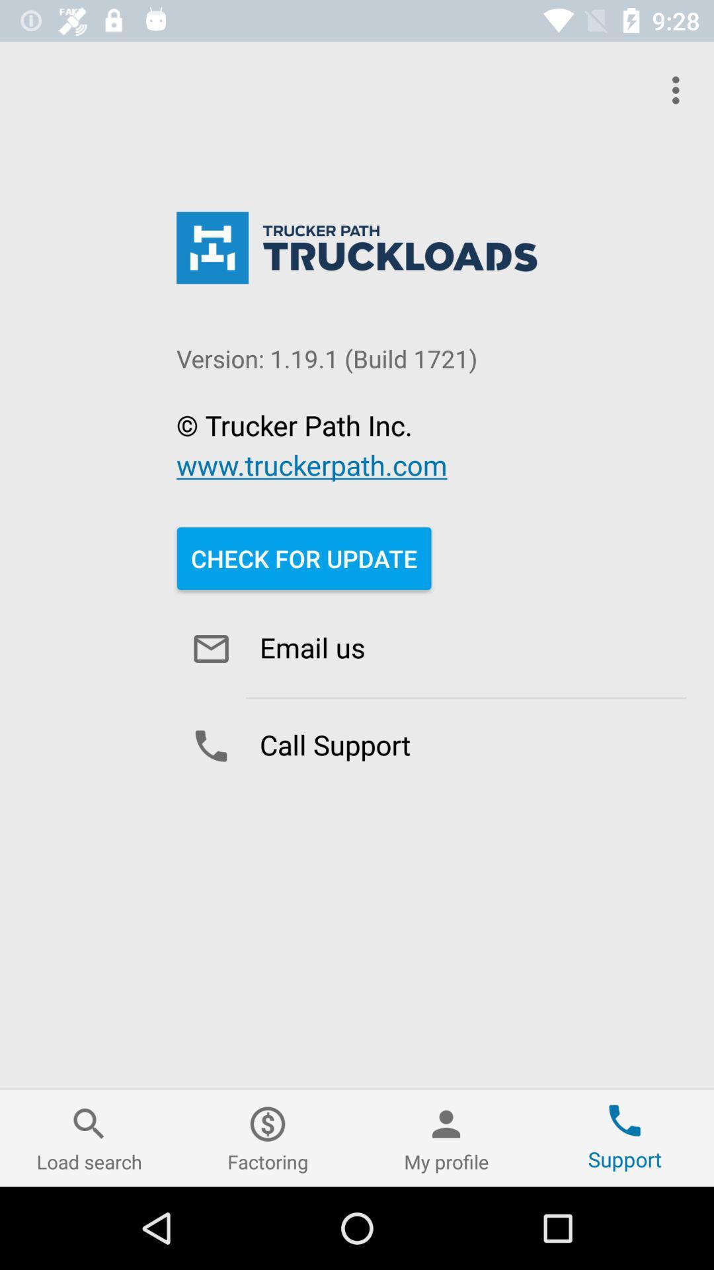 Image resolution: width=714 pixels, height=1270 pixels. What do you see at coordinates (311, 464) in the screenshot?
I see `fourth line` at bounding box center [311, 464].